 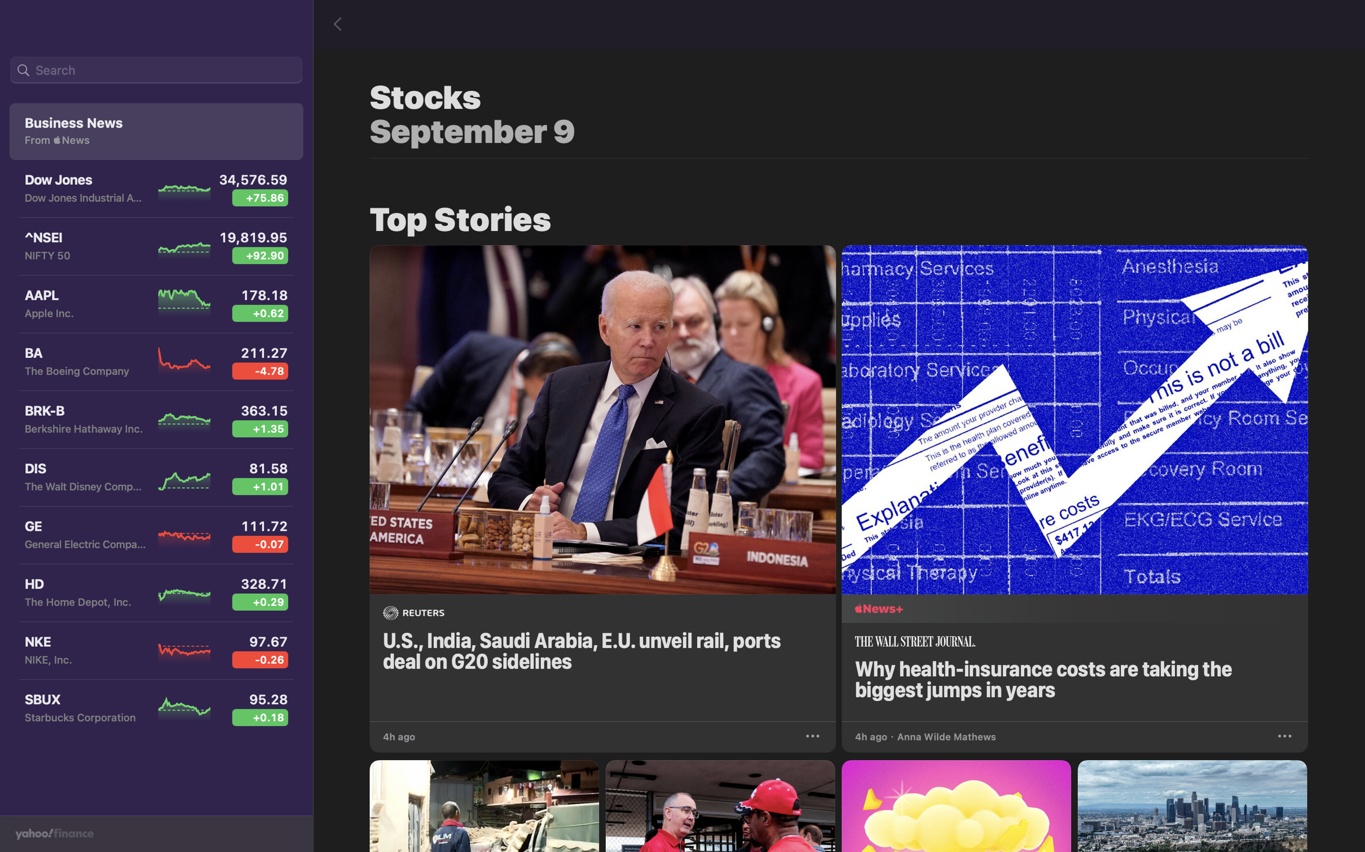 What do you see at coordinates (156, 70) in the screenshot?
I see `Search for the "IBM" stock in the bar on top left` at bounding box center [156, 70].